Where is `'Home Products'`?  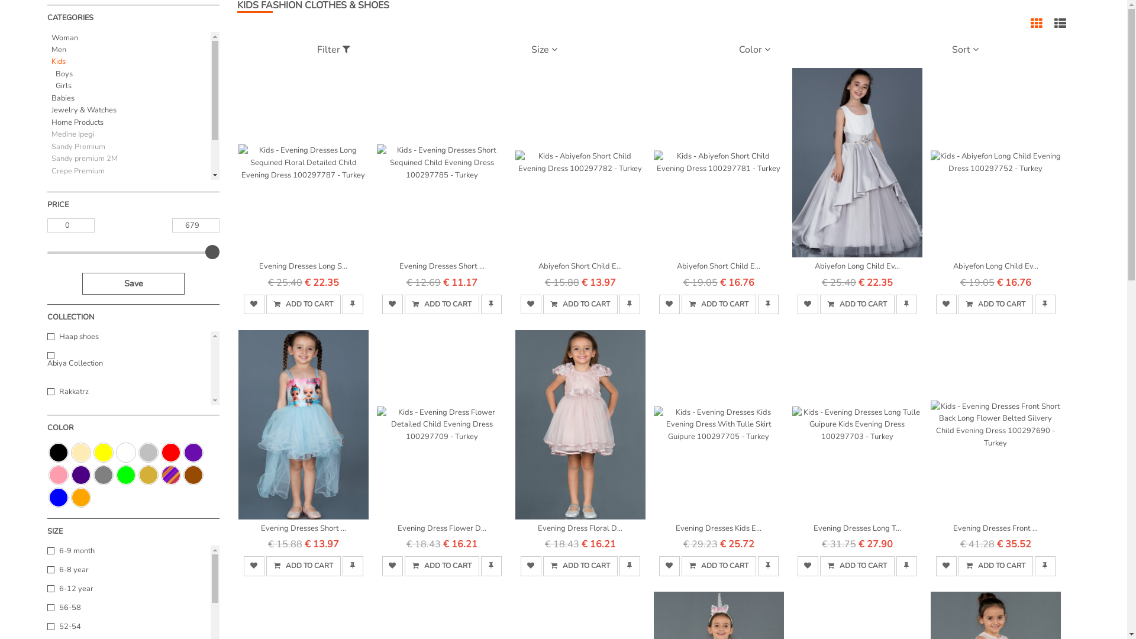
'Home Products' is located at coordinates (50, 122).